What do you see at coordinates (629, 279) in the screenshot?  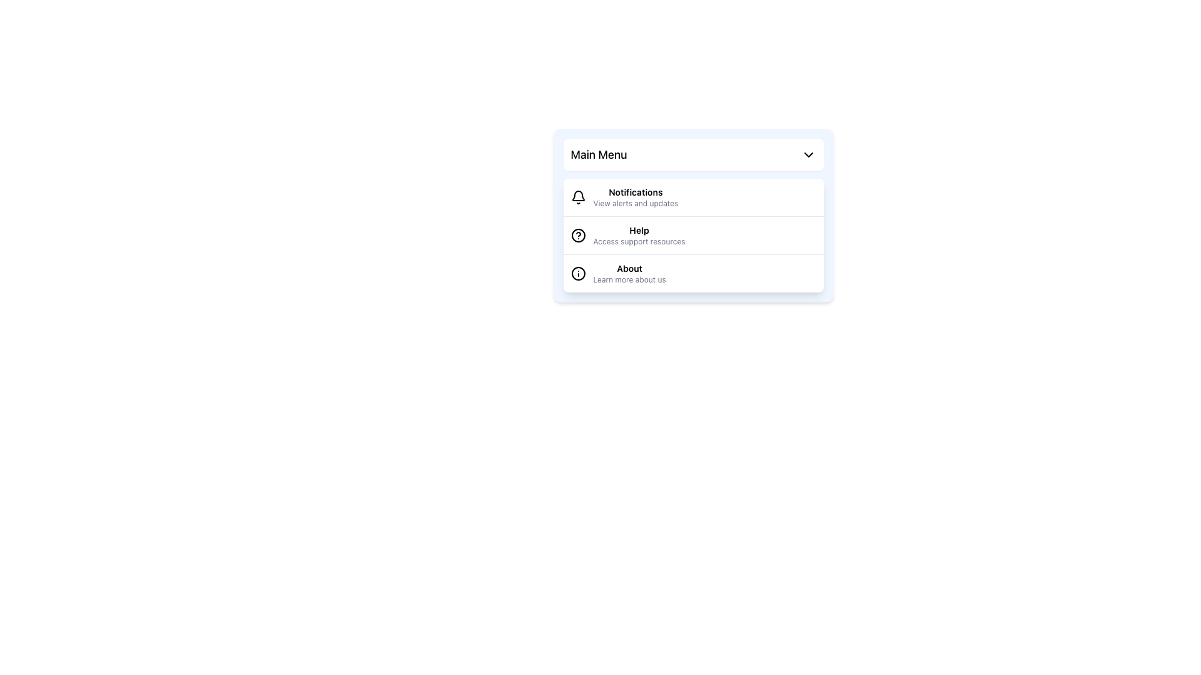 I see `the text label that reads 'Learn more about us', located in the bottom-right corner of the 'About' section within the 'Main Menu' dropdown` at bounding box center [629, 279].